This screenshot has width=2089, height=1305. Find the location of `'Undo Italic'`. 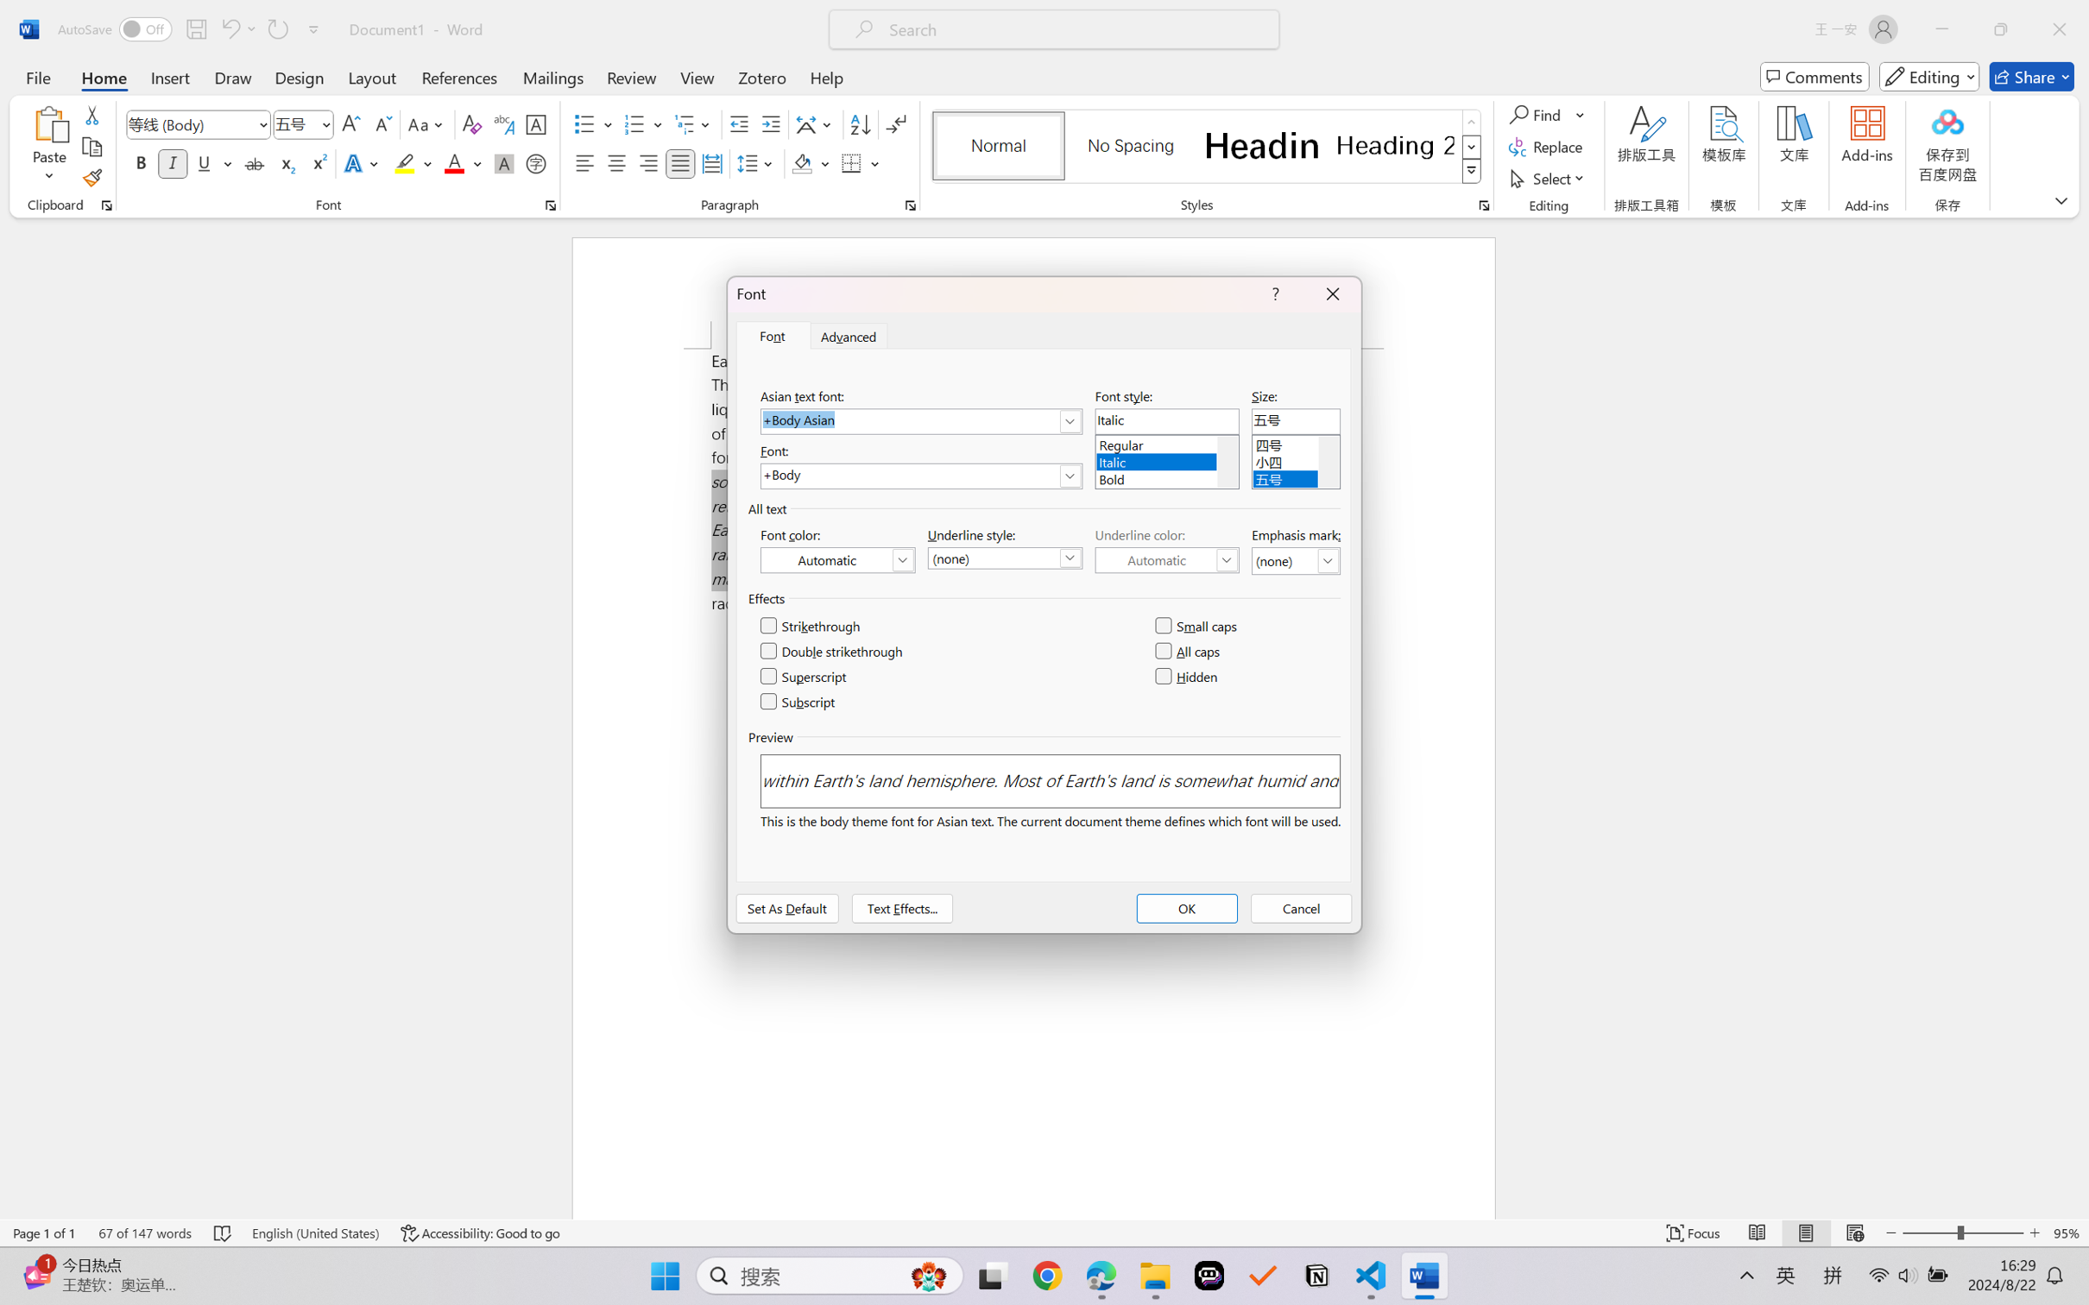

'Undo Italic' is located at coordinates (229, 28).